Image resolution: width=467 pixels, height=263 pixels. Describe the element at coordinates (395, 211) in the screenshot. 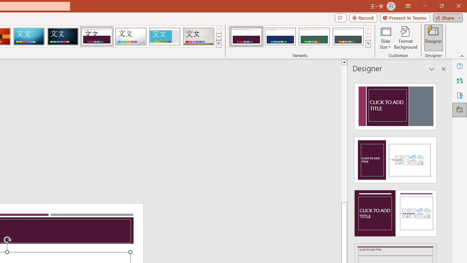

I see `'Design Idea'` at that location.